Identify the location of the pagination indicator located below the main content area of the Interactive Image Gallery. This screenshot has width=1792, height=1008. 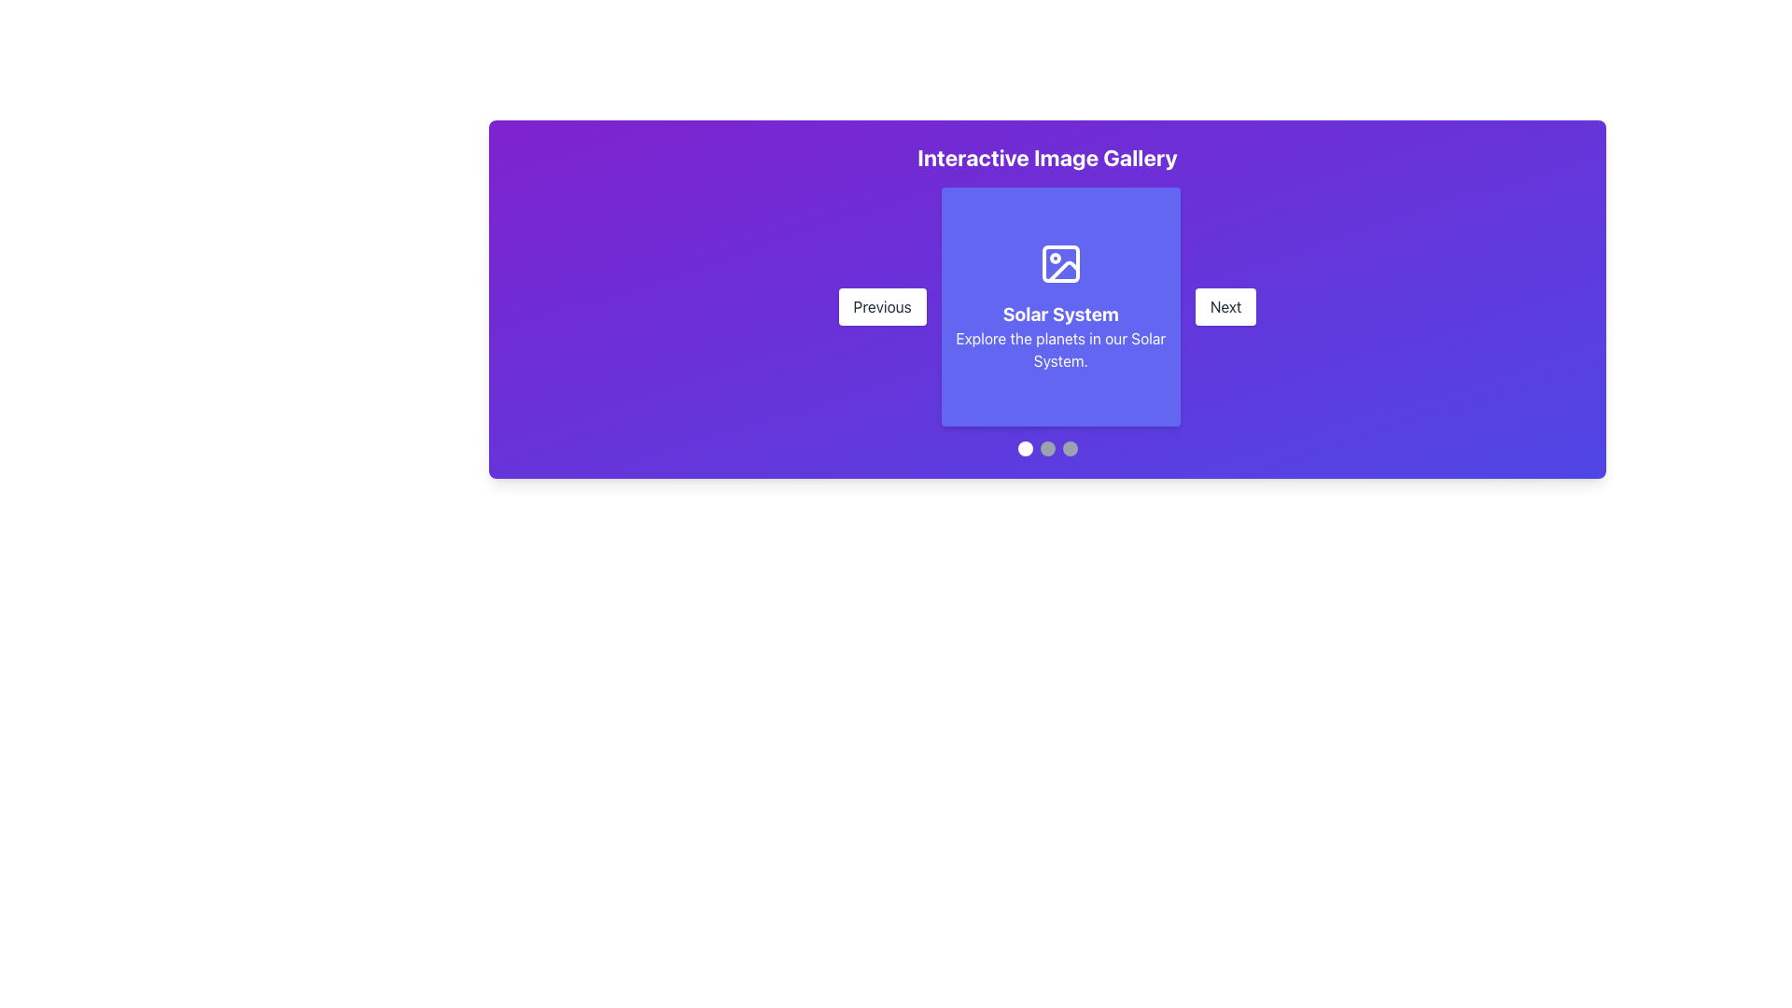
(1047, 449).